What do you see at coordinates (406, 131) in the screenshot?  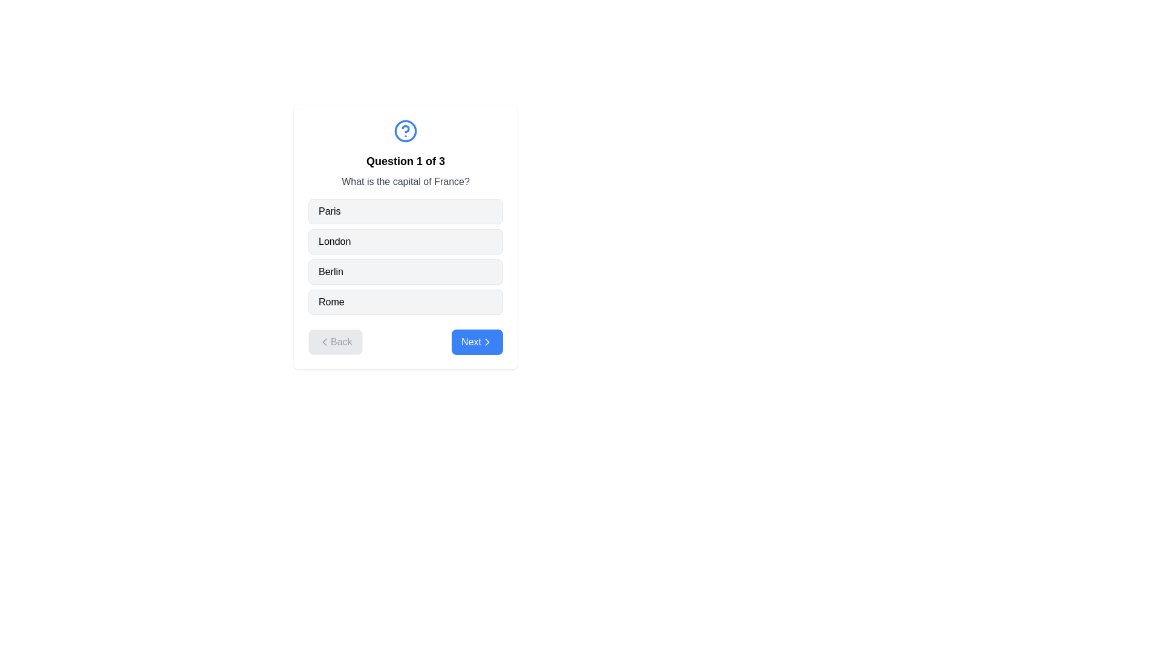 I see `the circular blue-bordered help icon with a question mark in the center, located at the top section of the question box` at bounding box center [406, 131].